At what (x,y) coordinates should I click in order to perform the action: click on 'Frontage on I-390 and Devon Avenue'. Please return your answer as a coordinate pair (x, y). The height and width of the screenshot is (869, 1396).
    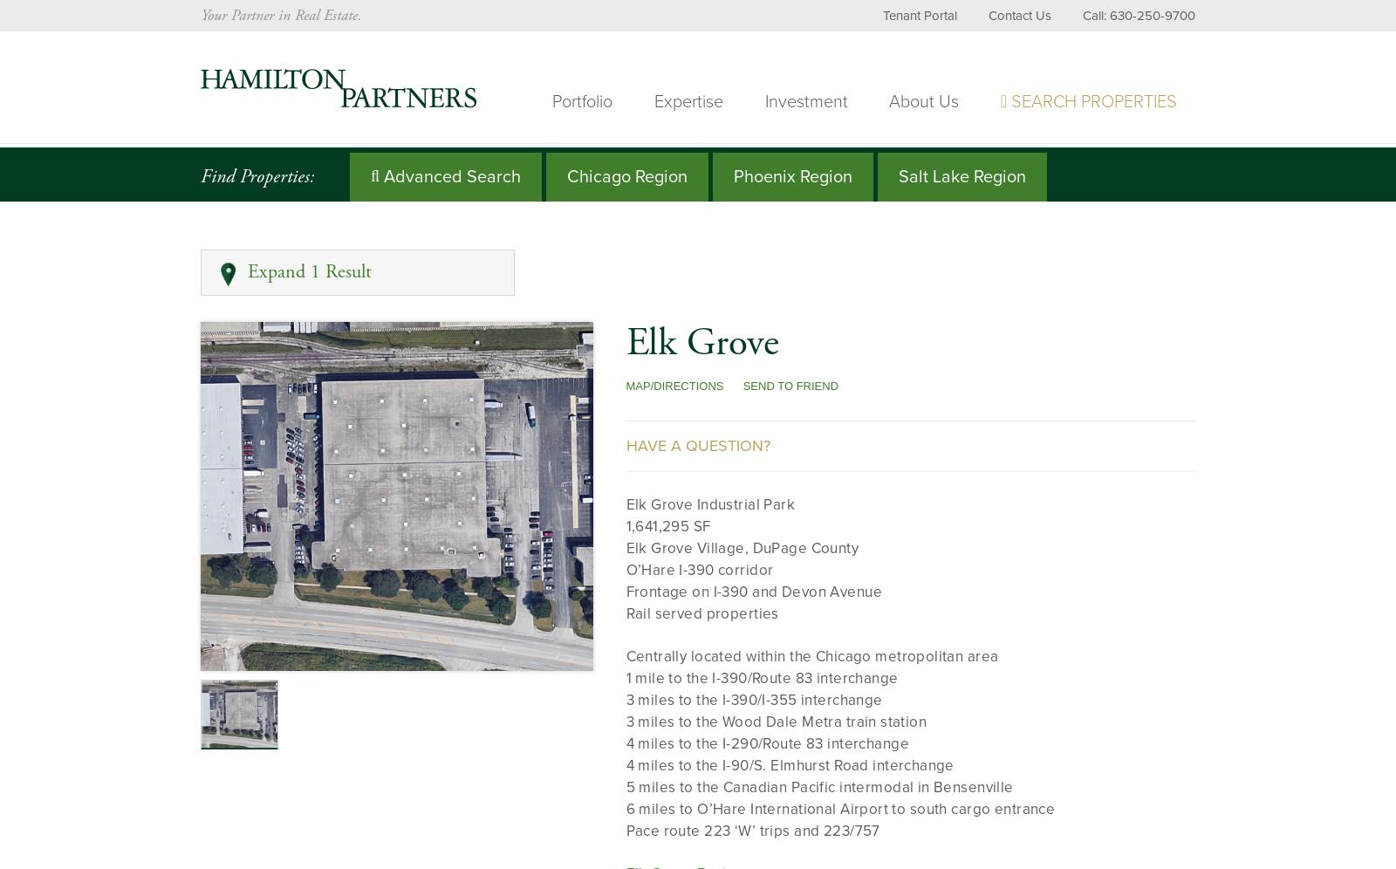
    Looking at the image, I should click on (752, 591).